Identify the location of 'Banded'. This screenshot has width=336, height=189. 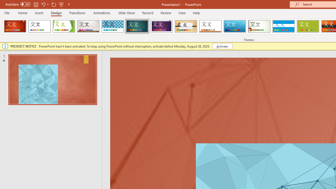
(283, 26).